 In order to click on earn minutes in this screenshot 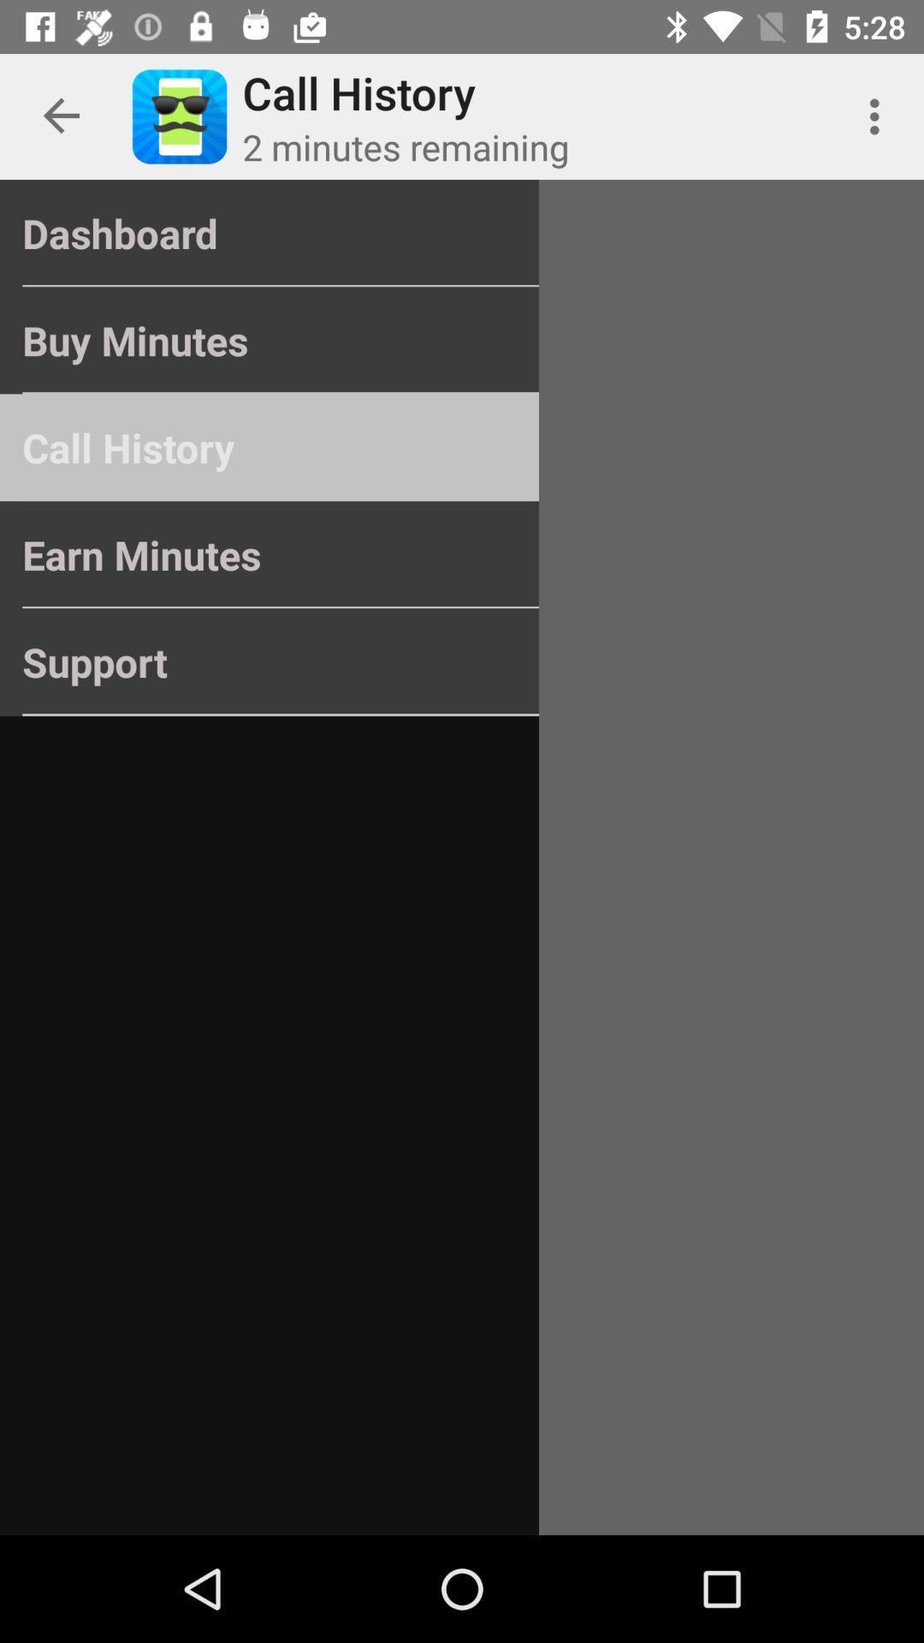, I will do `click(269, 555)`.